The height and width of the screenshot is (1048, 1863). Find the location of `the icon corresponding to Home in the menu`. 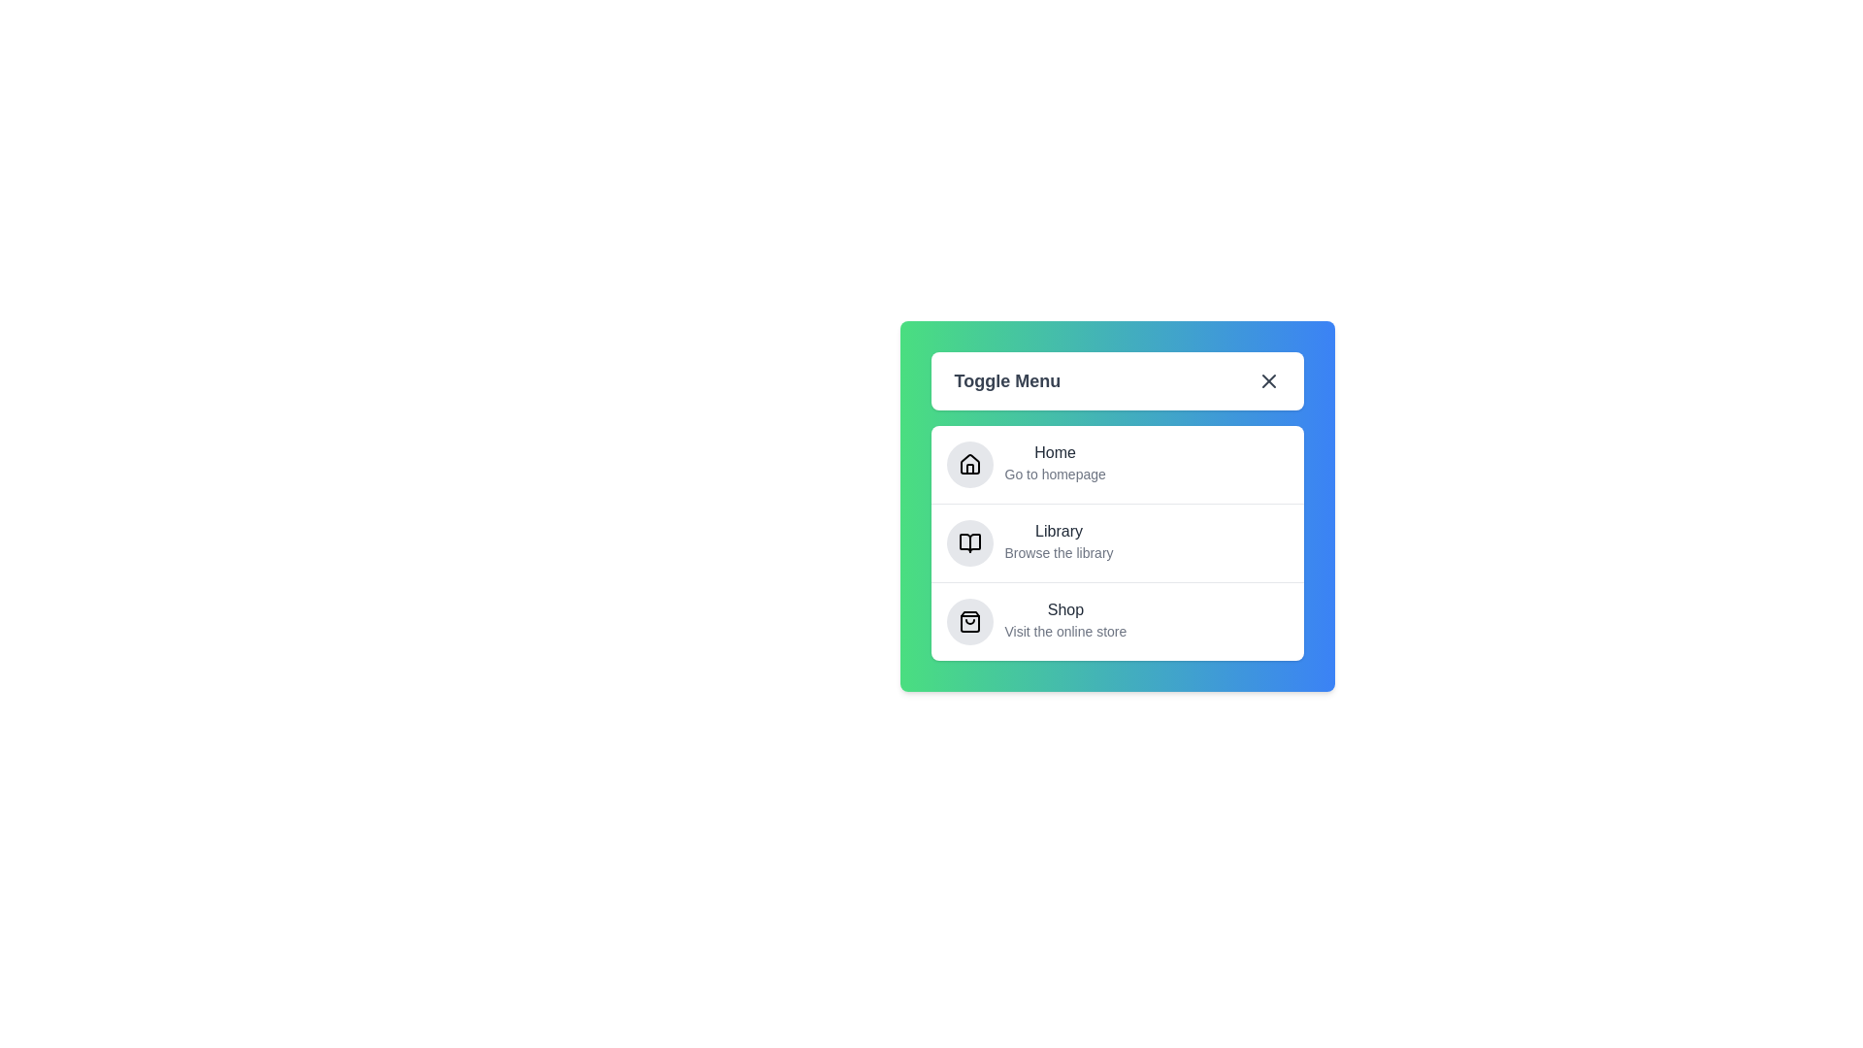

the icon corresponding to Home in the menu is located at coordinates (969, 464).